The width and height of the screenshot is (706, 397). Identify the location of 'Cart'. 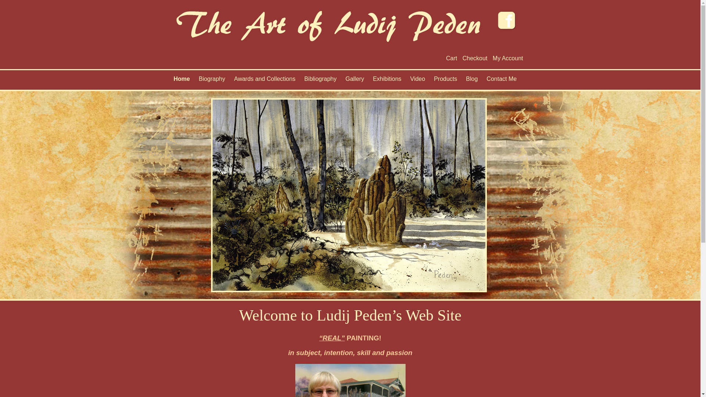
(446, 58).